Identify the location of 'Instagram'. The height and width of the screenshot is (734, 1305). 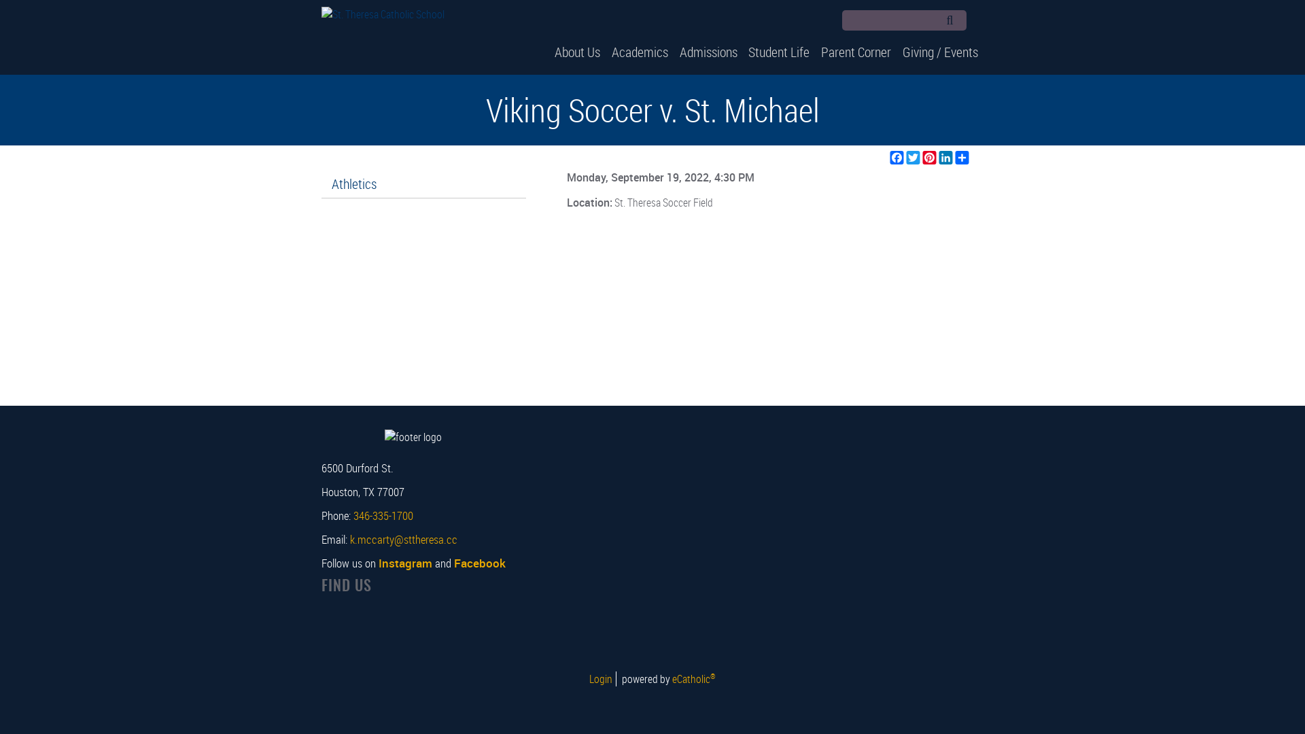
(404, 563).